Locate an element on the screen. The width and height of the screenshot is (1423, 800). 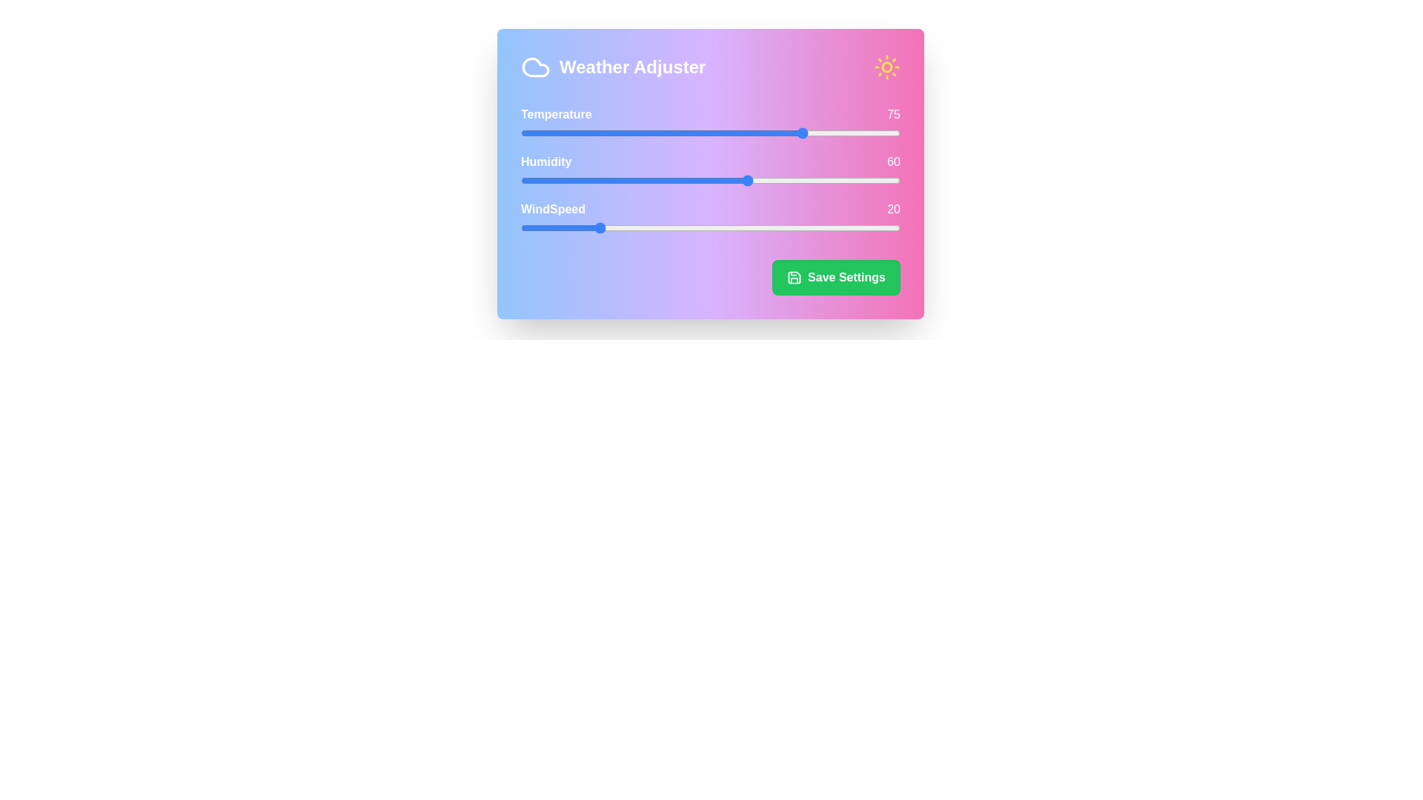
the numeric indicators of the interactive sliders labeled 'Temperature', 'Humidity', and 'WindSpeed' in the Weather Adjuster card is located at coordinates (710, 170).